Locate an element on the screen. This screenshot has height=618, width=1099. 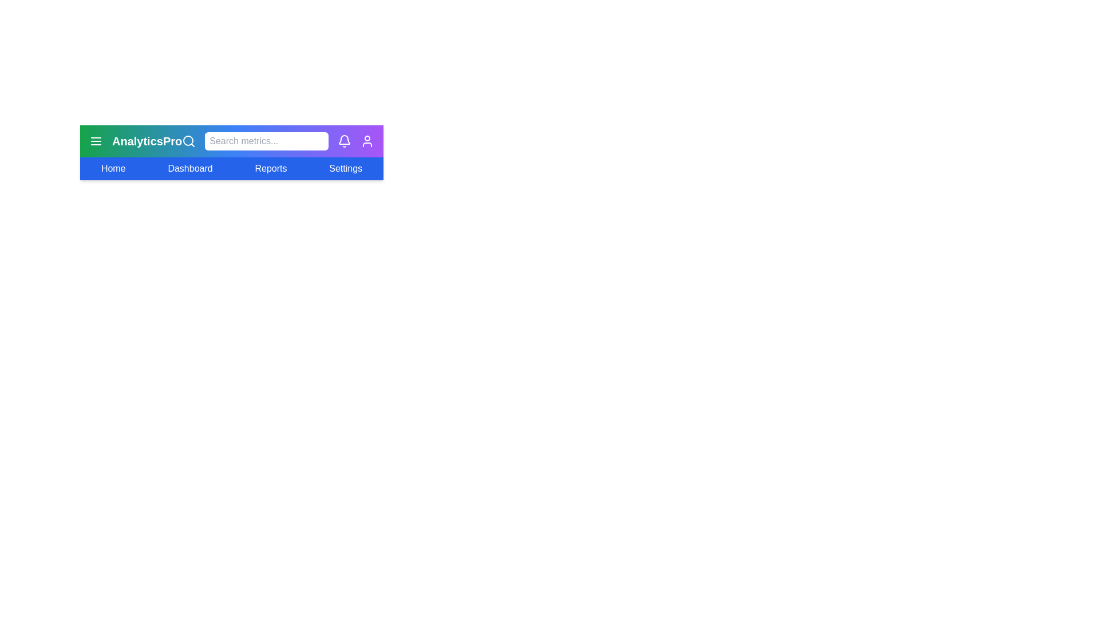
the menu option labeled Settings to select it is located at coordinates (345, 168).